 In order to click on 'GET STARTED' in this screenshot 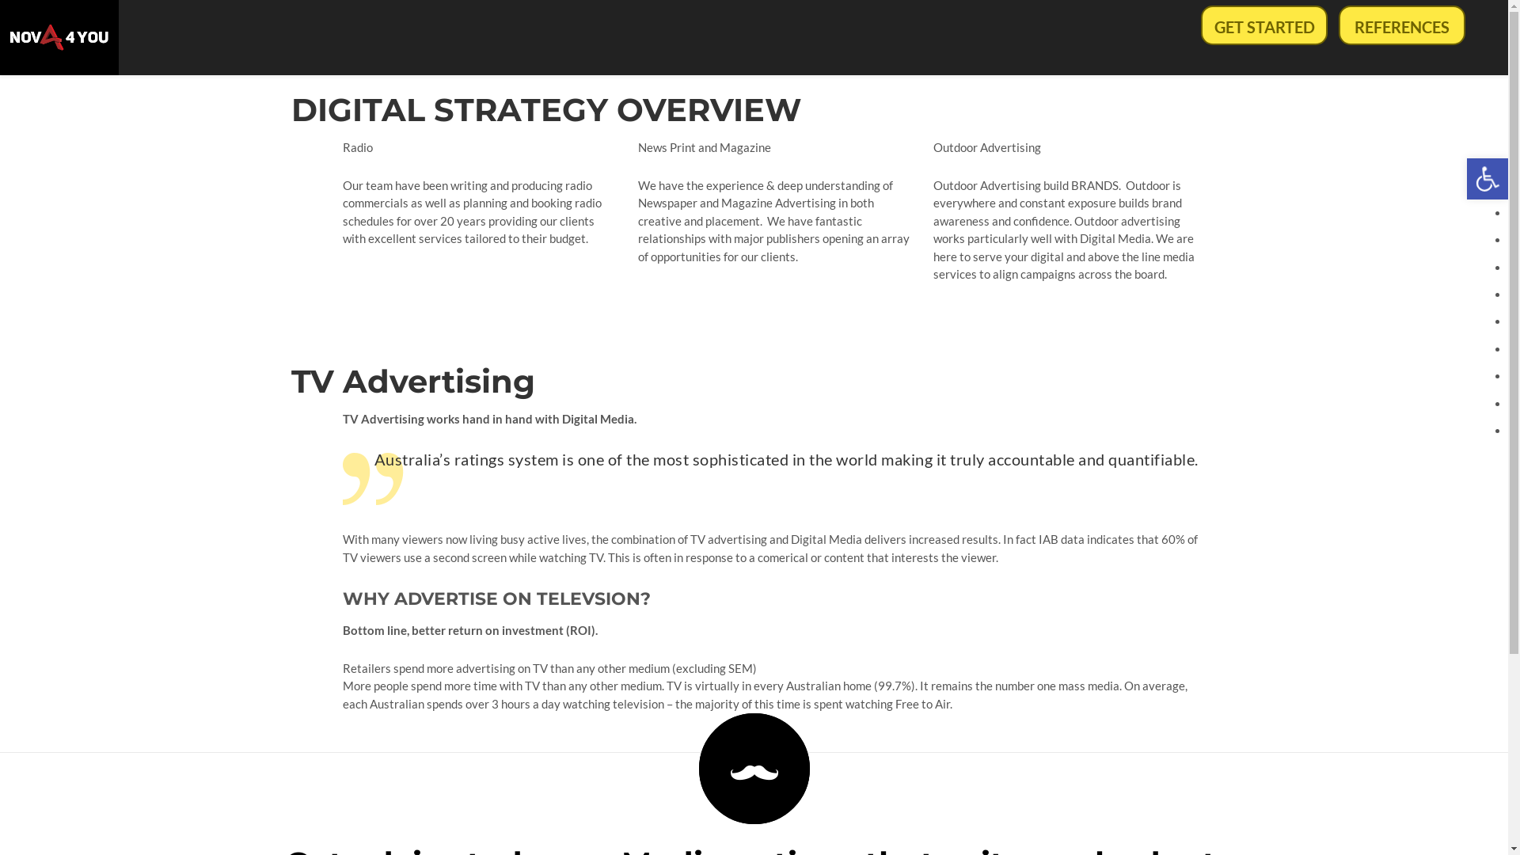, I will do `click(1263, 25)`.